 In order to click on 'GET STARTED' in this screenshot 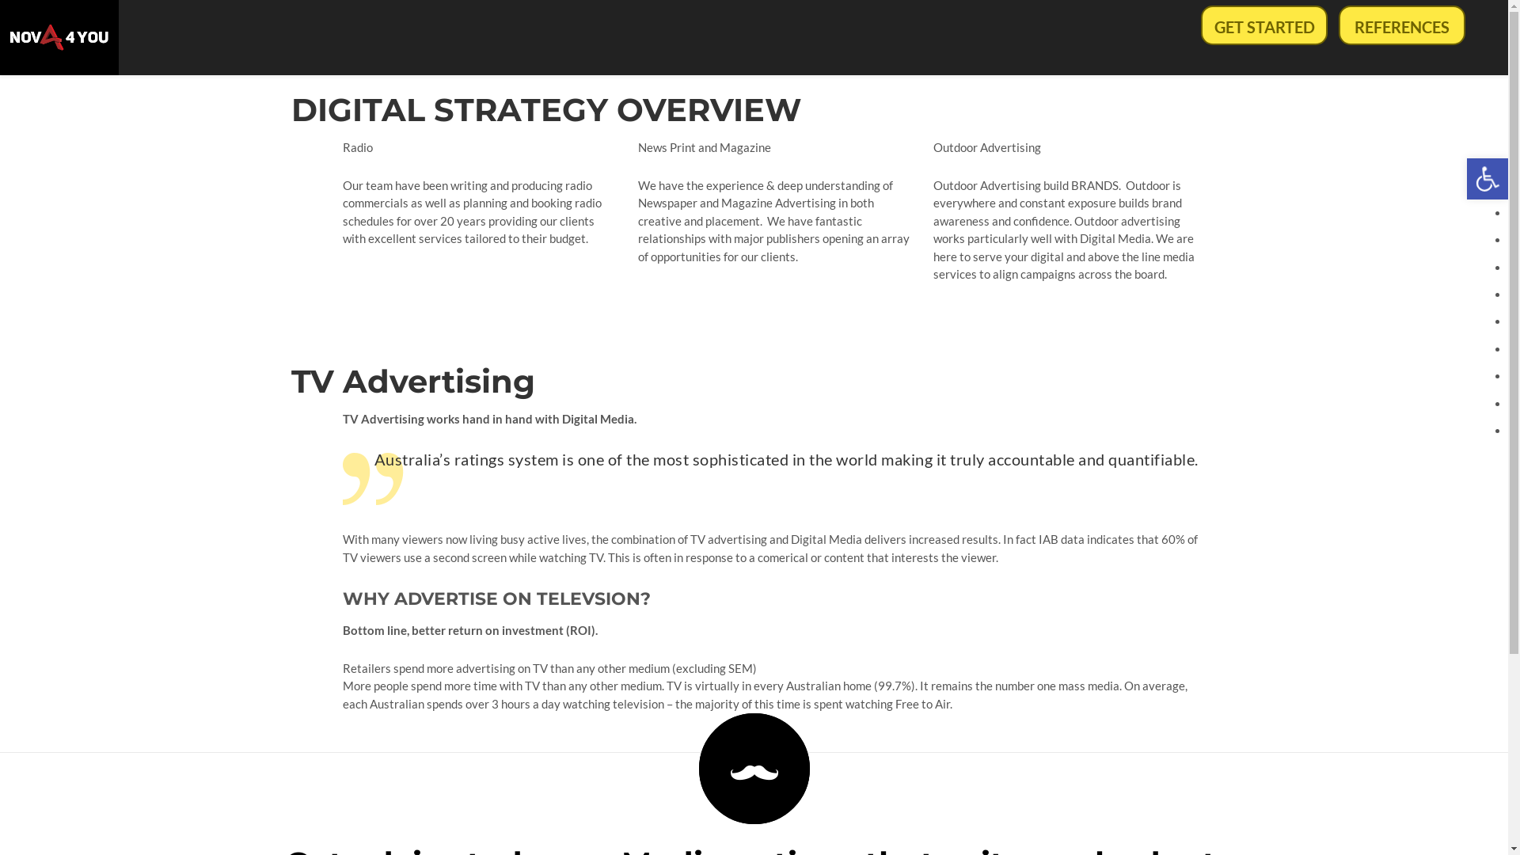, I will do `click(1263, 25)`.